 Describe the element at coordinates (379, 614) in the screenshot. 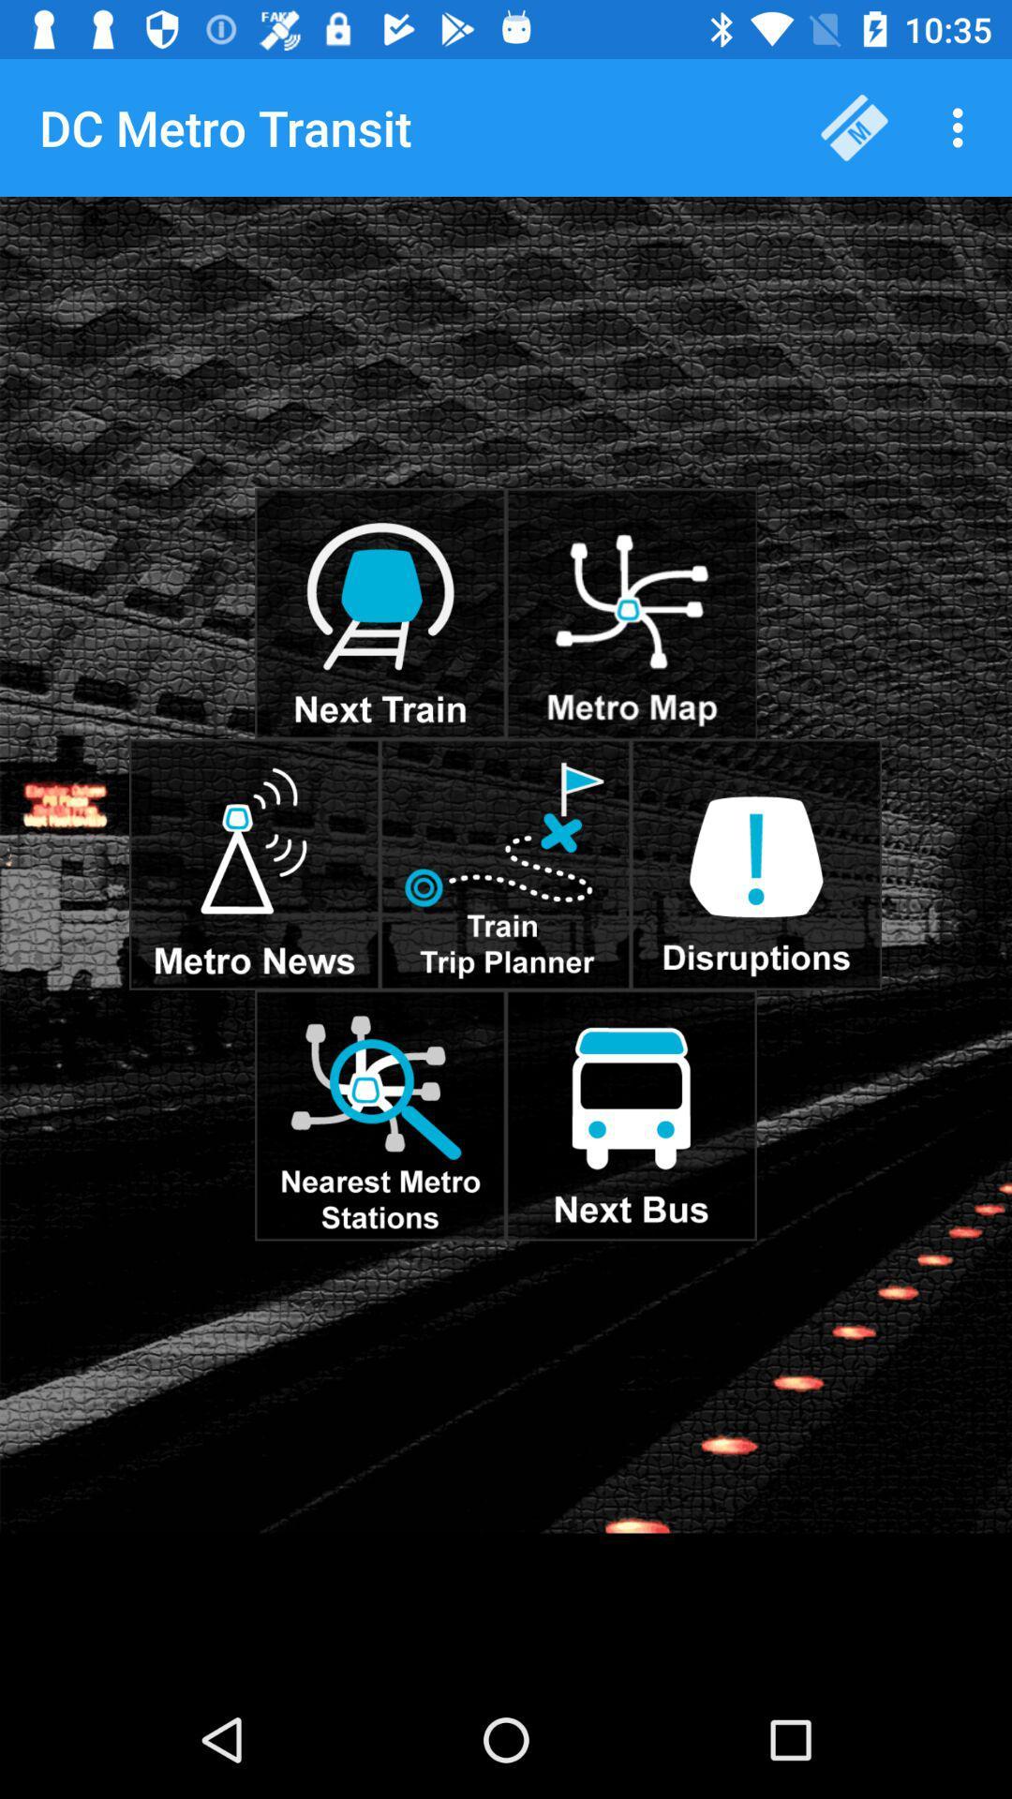

I see `next train` at that location.